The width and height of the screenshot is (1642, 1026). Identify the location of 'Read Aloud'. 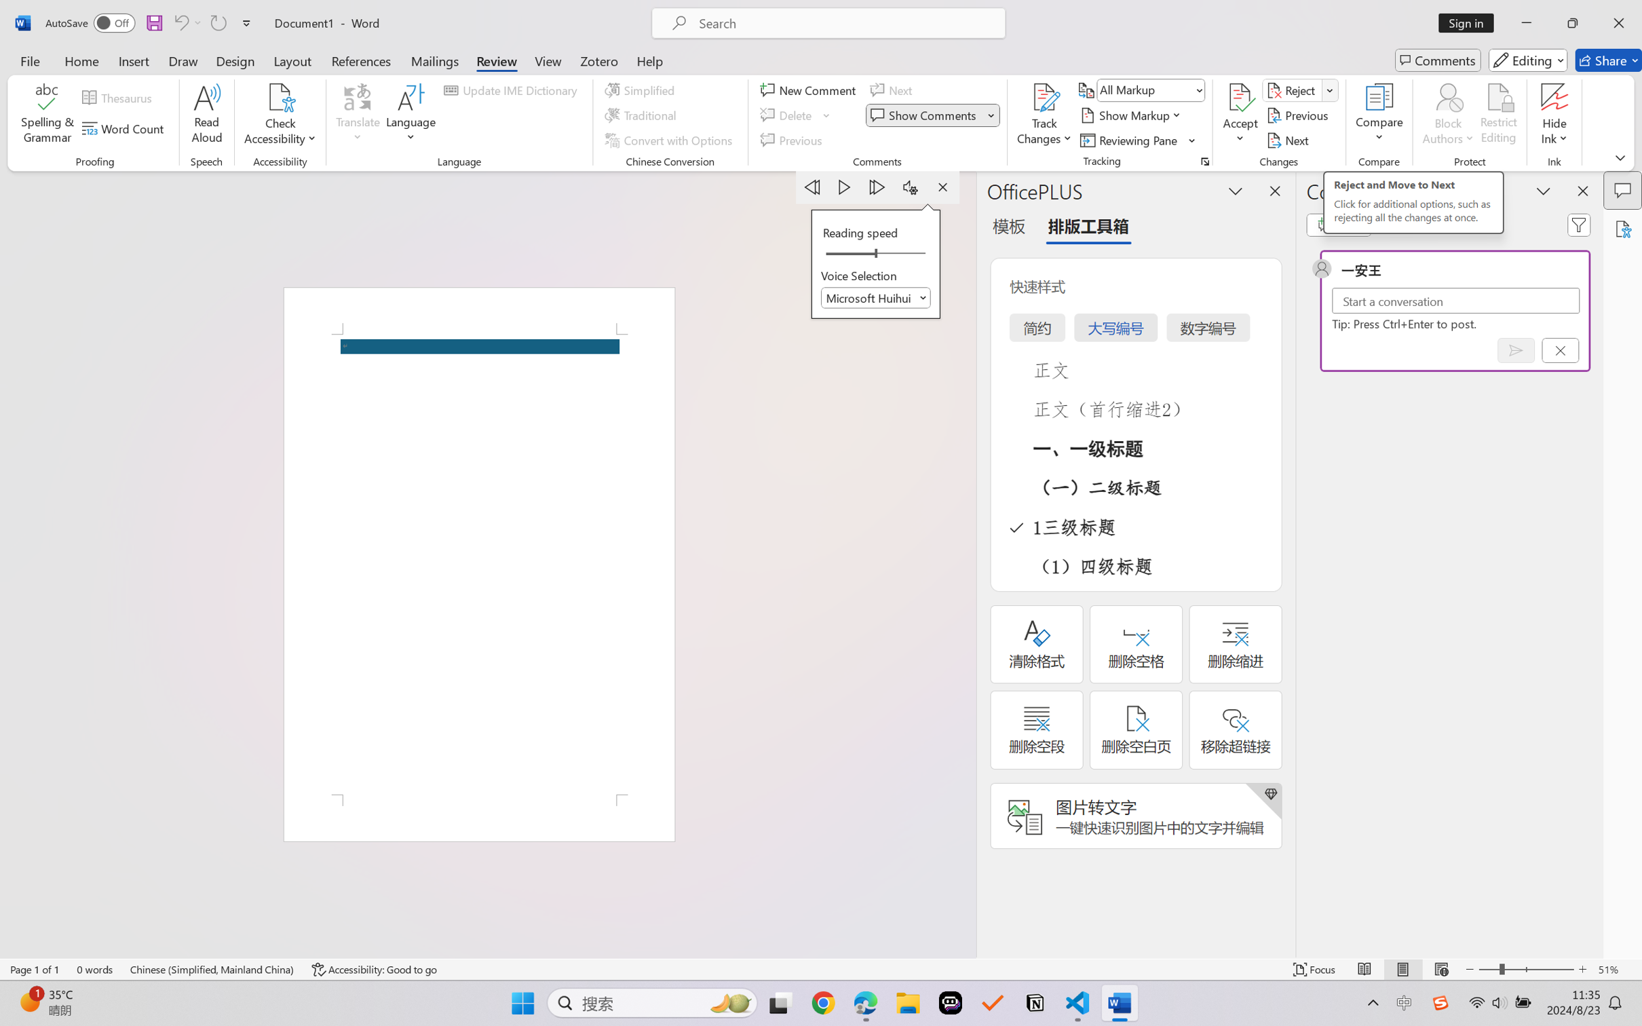
(206, 115).